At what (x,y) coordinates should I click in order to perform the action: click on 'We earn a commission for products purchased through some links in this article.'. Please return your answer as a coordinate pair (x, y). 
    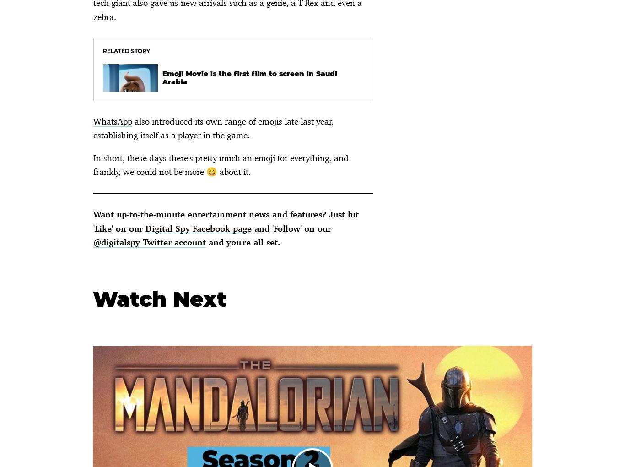
    Looking at the image, I should click on (170, 74).